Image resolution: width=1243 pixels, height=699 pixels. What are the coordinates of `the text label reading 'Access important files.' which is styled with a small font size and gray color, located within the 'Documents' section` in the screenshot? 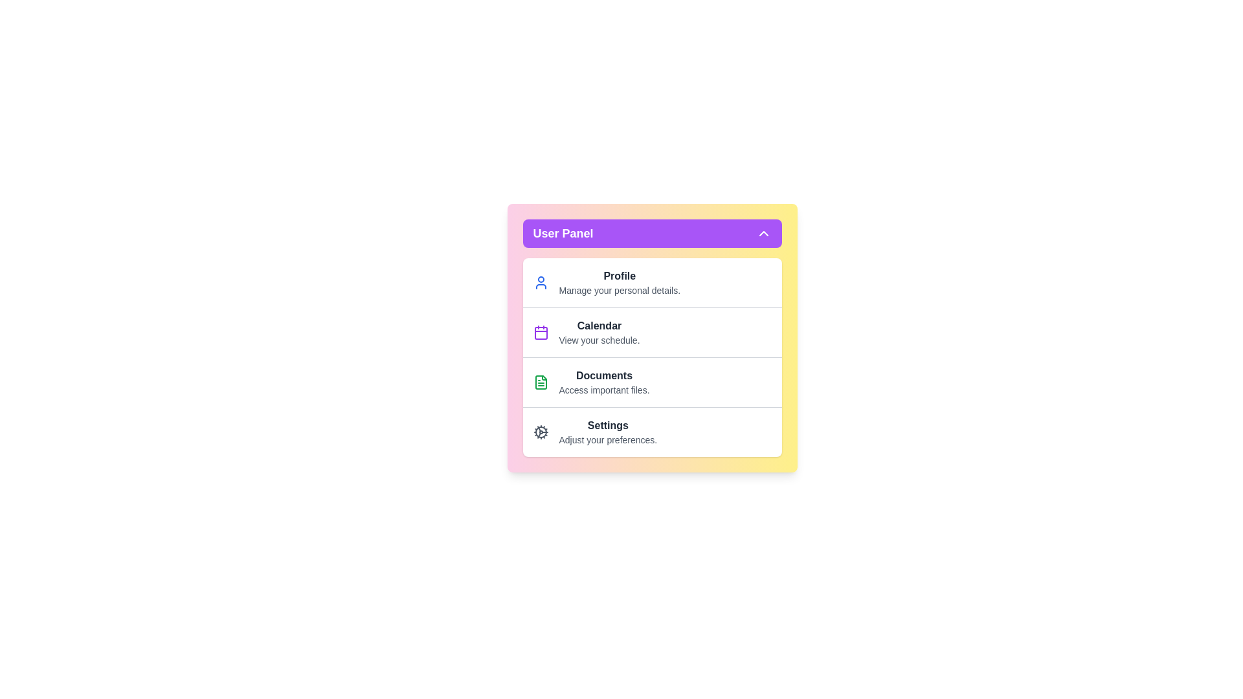 It's located at (603, 389).